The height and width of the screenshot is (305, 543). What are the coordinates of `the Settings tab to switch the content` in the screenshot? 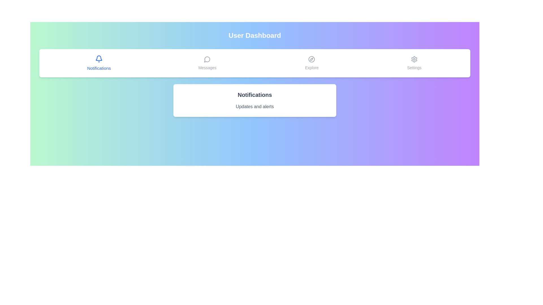 It's located at (414, 63).